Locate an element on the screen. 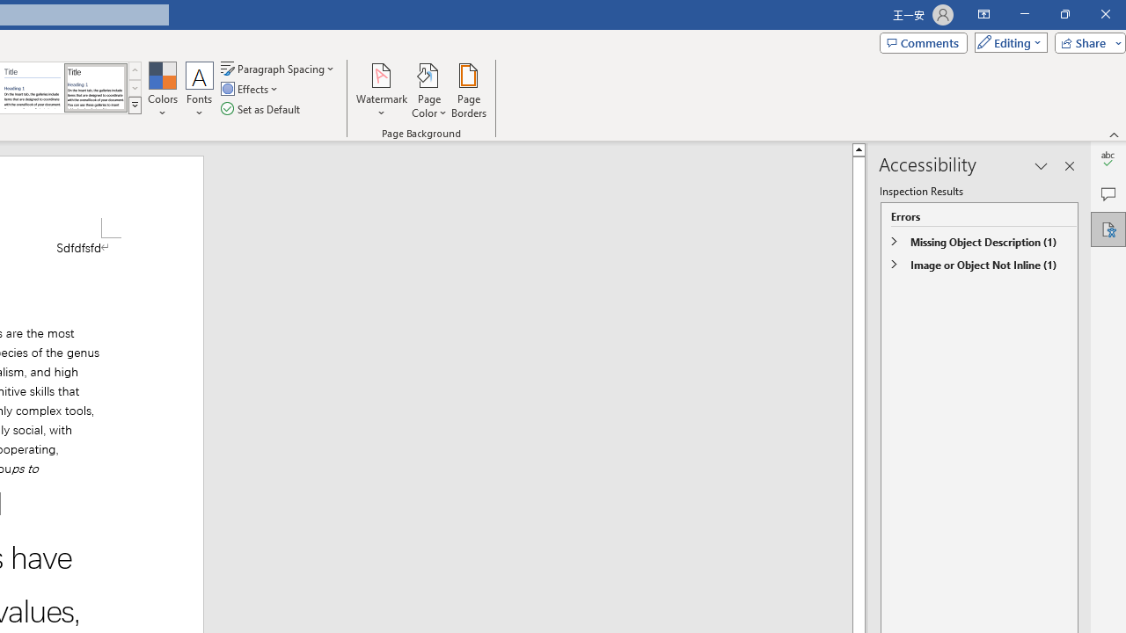  'Set as Default' is located at coordinates (261, 109).